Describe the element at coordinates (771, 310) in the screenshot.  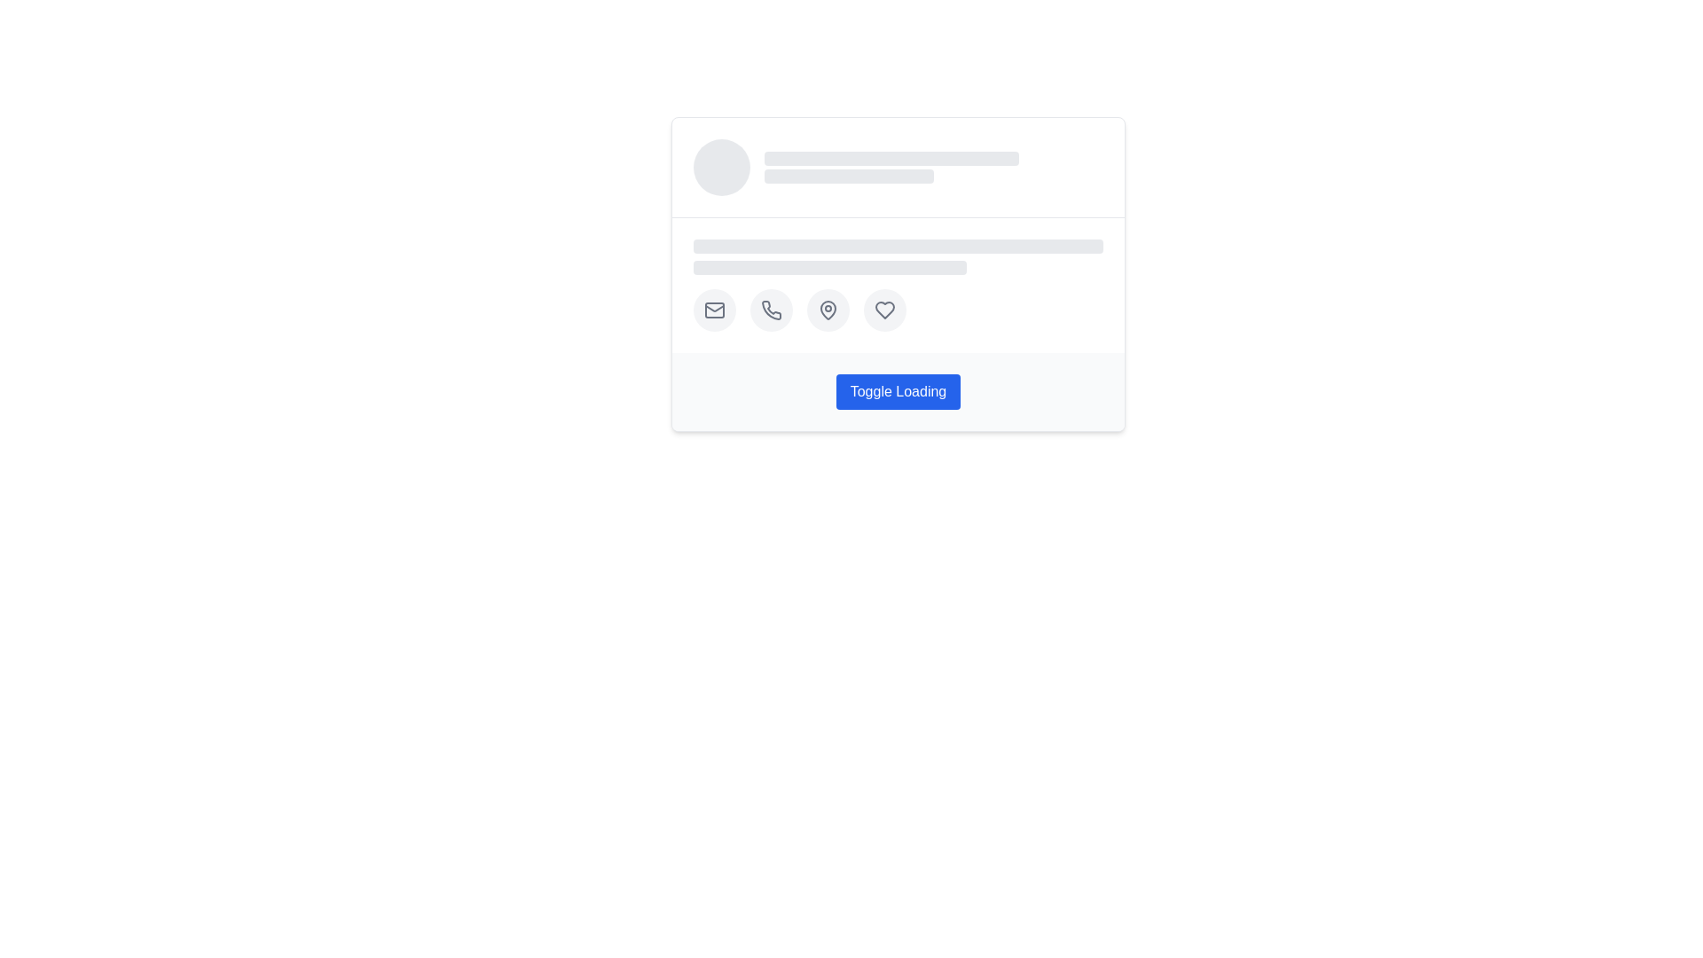
I see `the rounded phone icon button with a gray outline` at that location.